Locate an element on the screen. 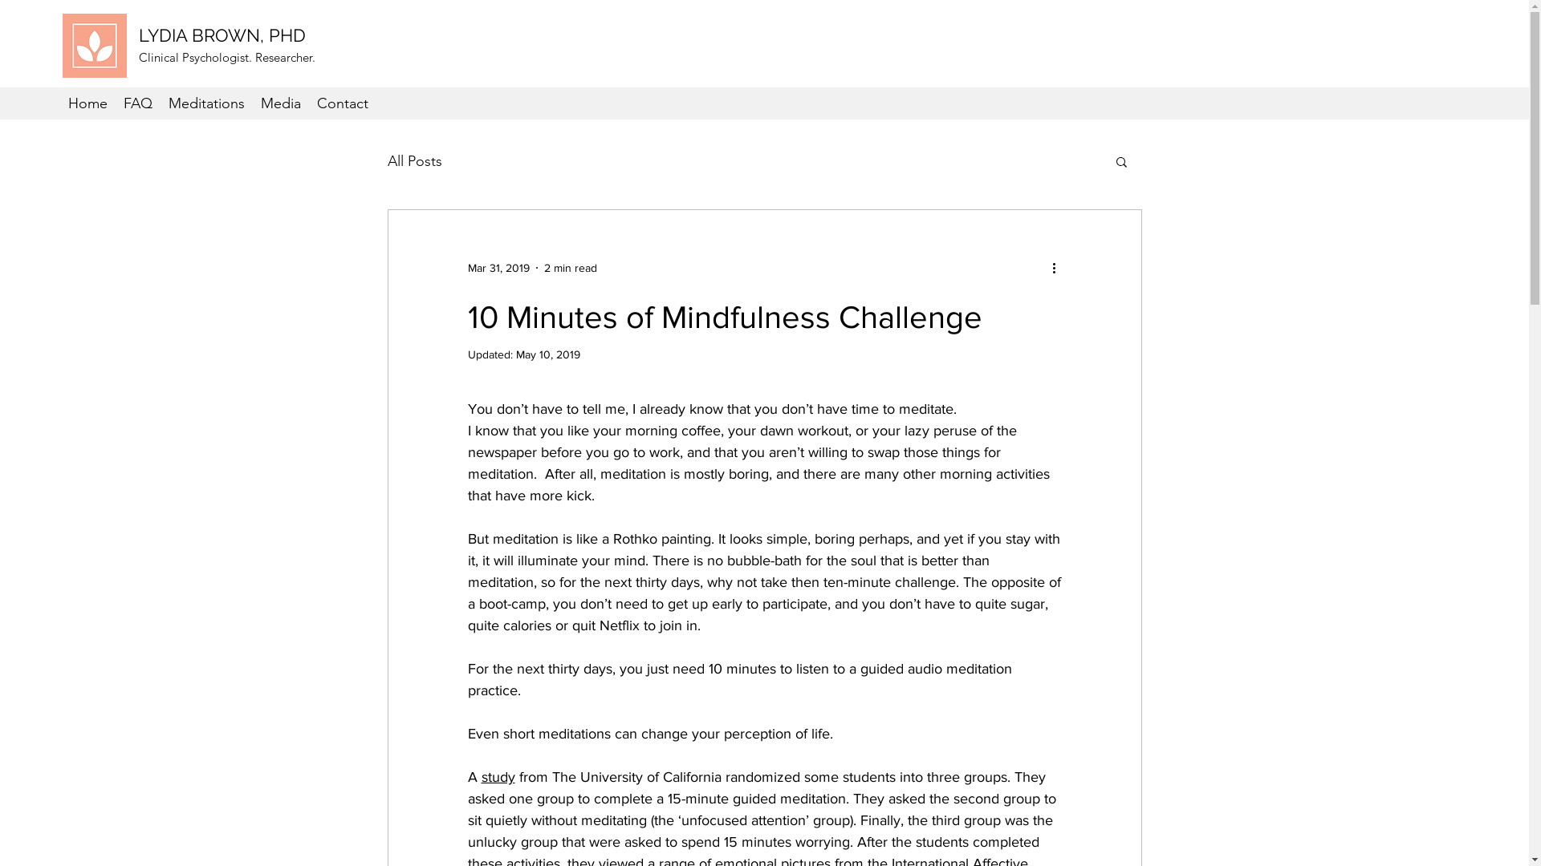  'Meditations' is located at coordinates (205, 103).